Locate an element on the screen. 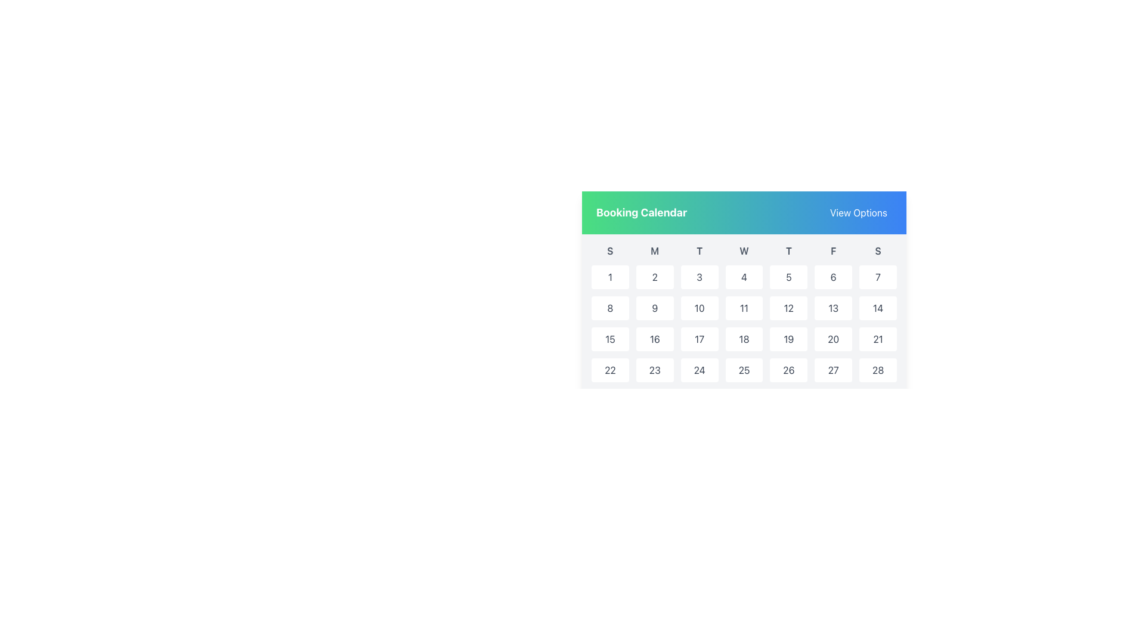  the static text element representing the 12th day of the month in the calendar grid, located in the fifth column of the second row is located at coordinates (788, 307).